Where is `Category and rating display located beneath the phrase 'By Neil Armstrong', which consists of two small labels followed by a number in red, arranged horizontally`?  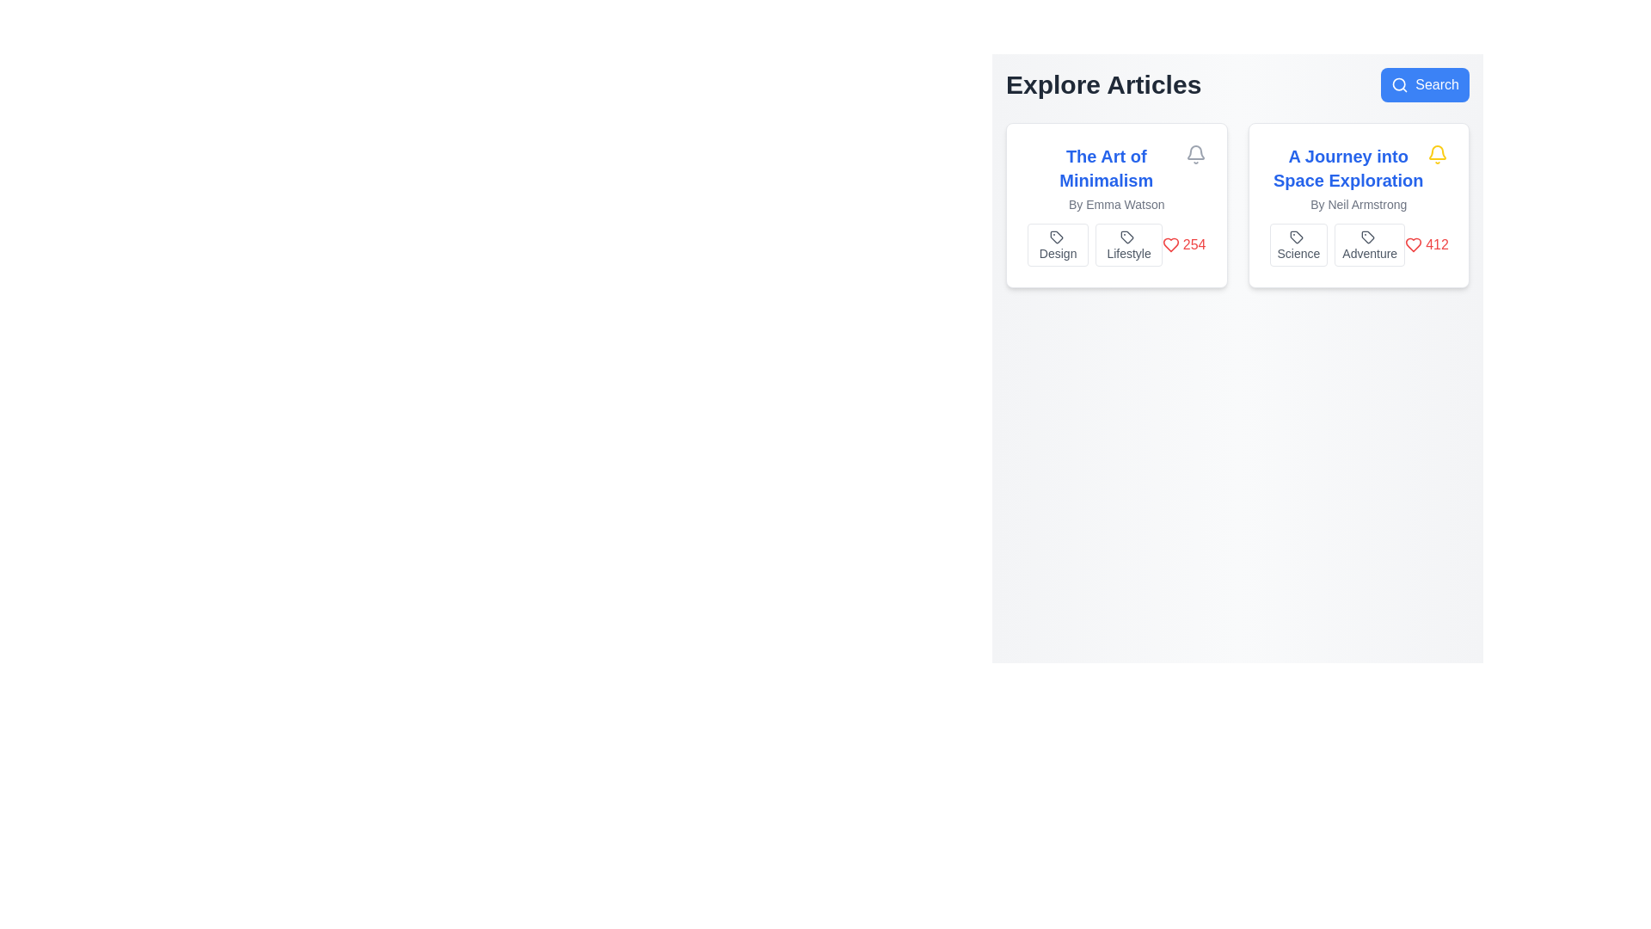 Category and rating display located beneath the phrase 'By Neil Armstrong', which consists of two small labels followed by a number in red, arranged horizontally is located at coordinates (1358, 245).